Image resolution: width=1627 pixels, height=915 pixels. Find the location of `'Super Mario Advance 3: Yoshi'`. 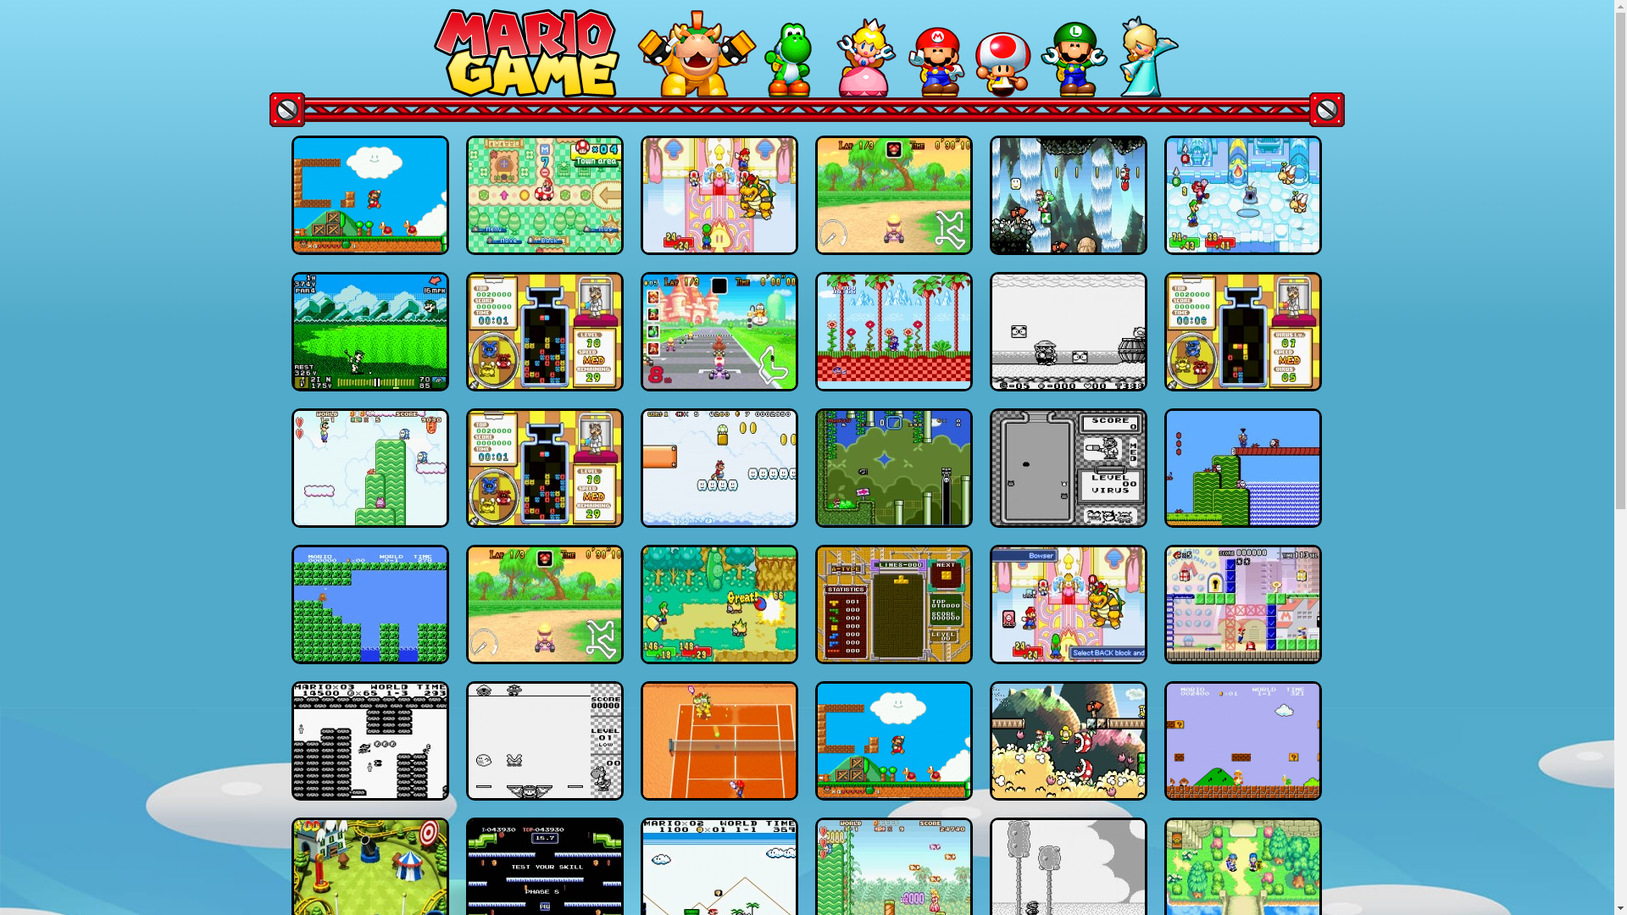

'Super Mario Advance 3: Yoshi' is located at coordinates (1068, 192).